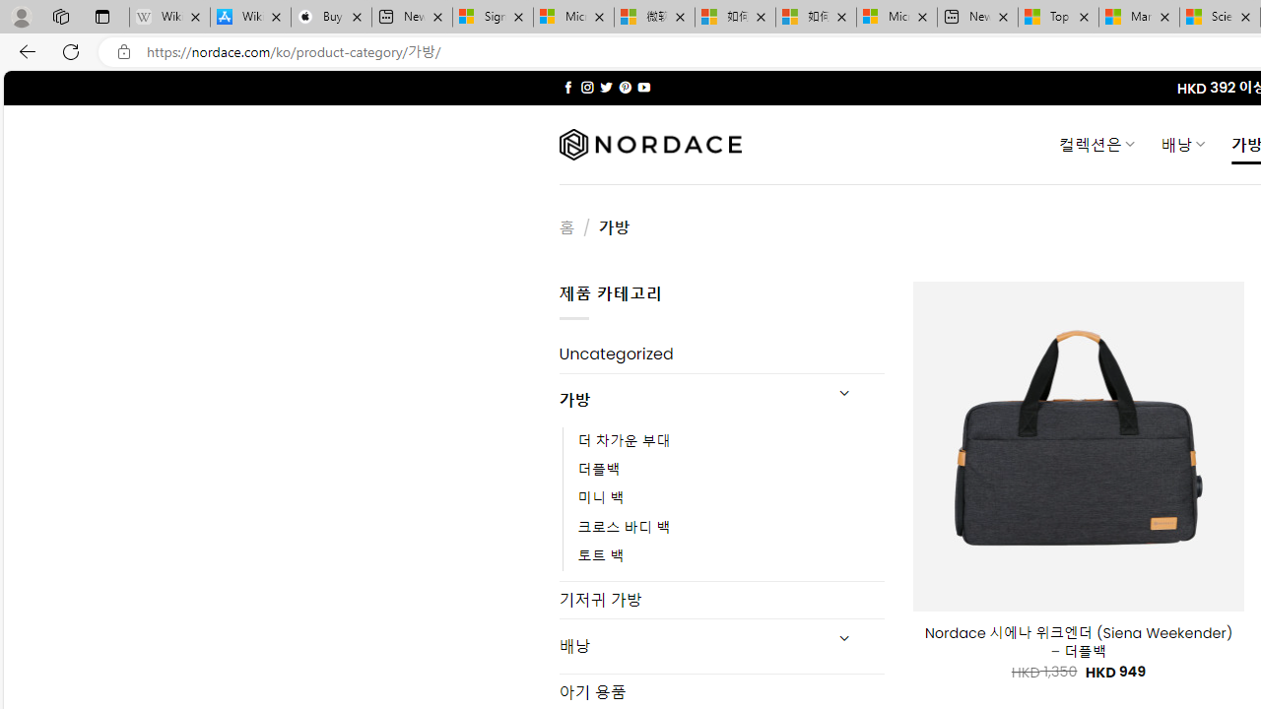 This screenshot has width=1261, height=709. What do you see at coordinates (605, 87) in the screenshot?
I see `'Follow on Twitter'` at bounding box center [605, 87].